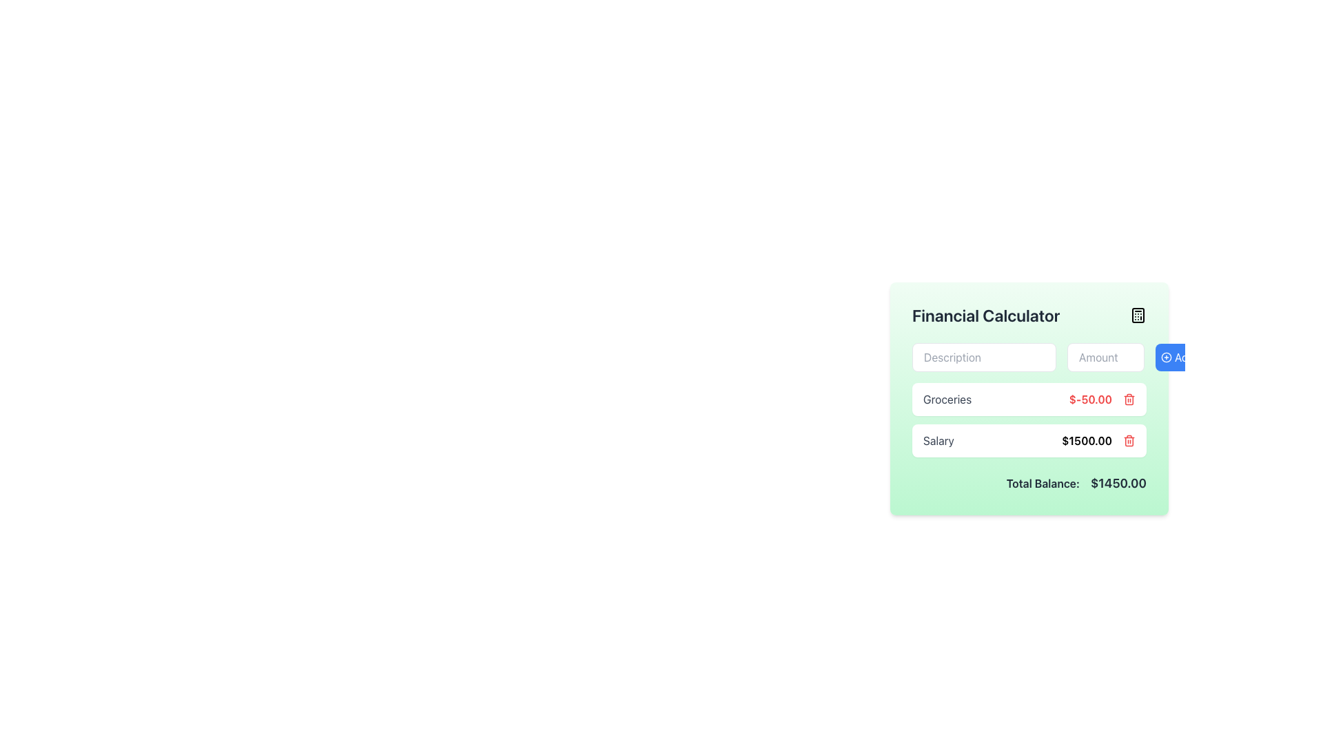  I want to click on the 'Add' icon located to the left of the 'Add' text label in the top-right corner of the financial calculator UI, so click(1166, 357).